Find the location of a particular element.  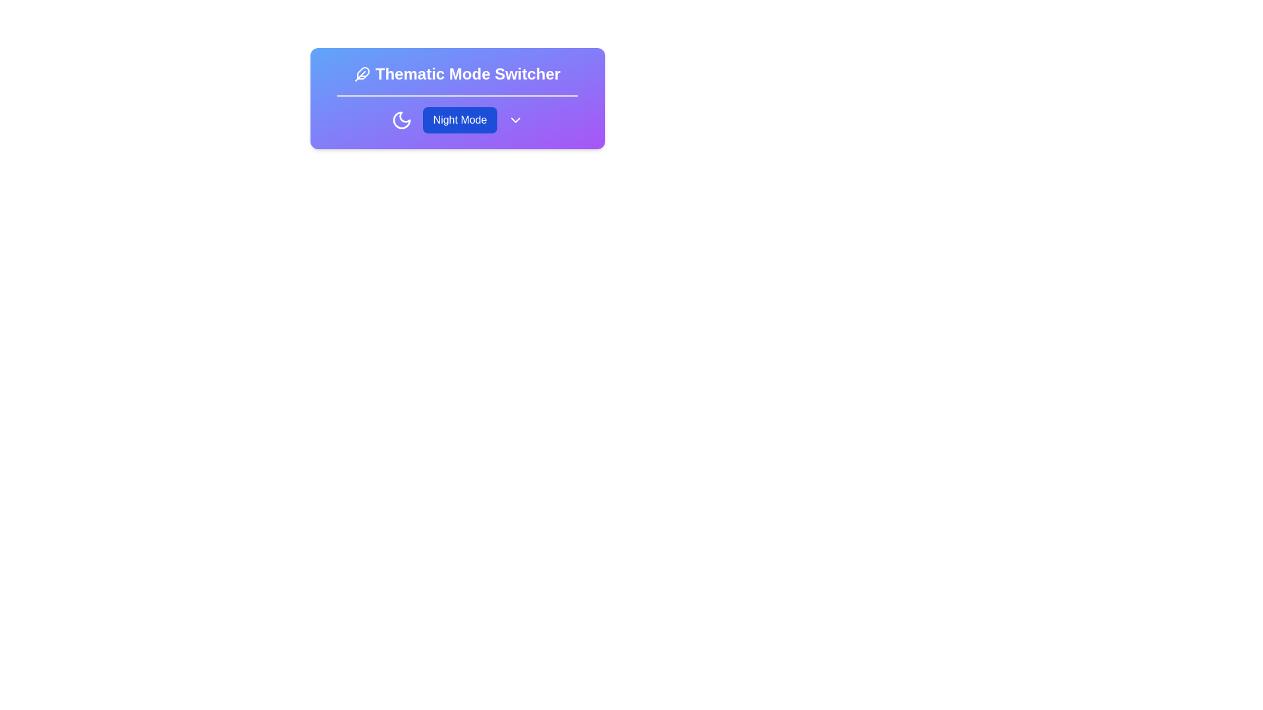

the text label reading 'Thematic Mode Switcher', which is bold and white, located at the top-left of a box with theming options, positioned to the right of a quill feather icon is located at coordinates (468, 74).